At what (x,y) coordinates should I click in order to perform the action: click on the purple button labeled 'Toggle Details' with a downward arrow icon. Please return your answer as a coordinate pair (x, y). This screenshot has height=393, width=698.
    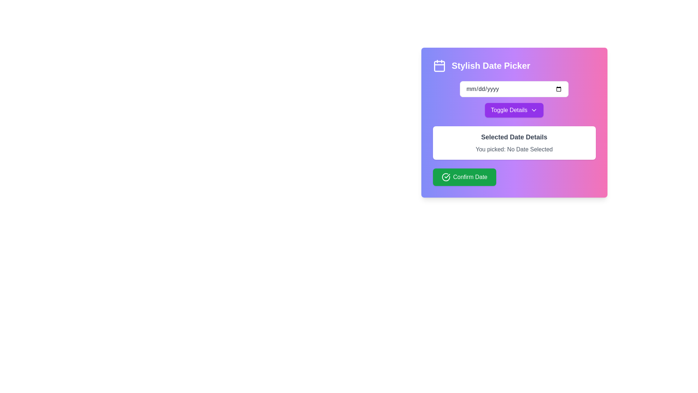
    Looking at the image, I should click on (514, 99).